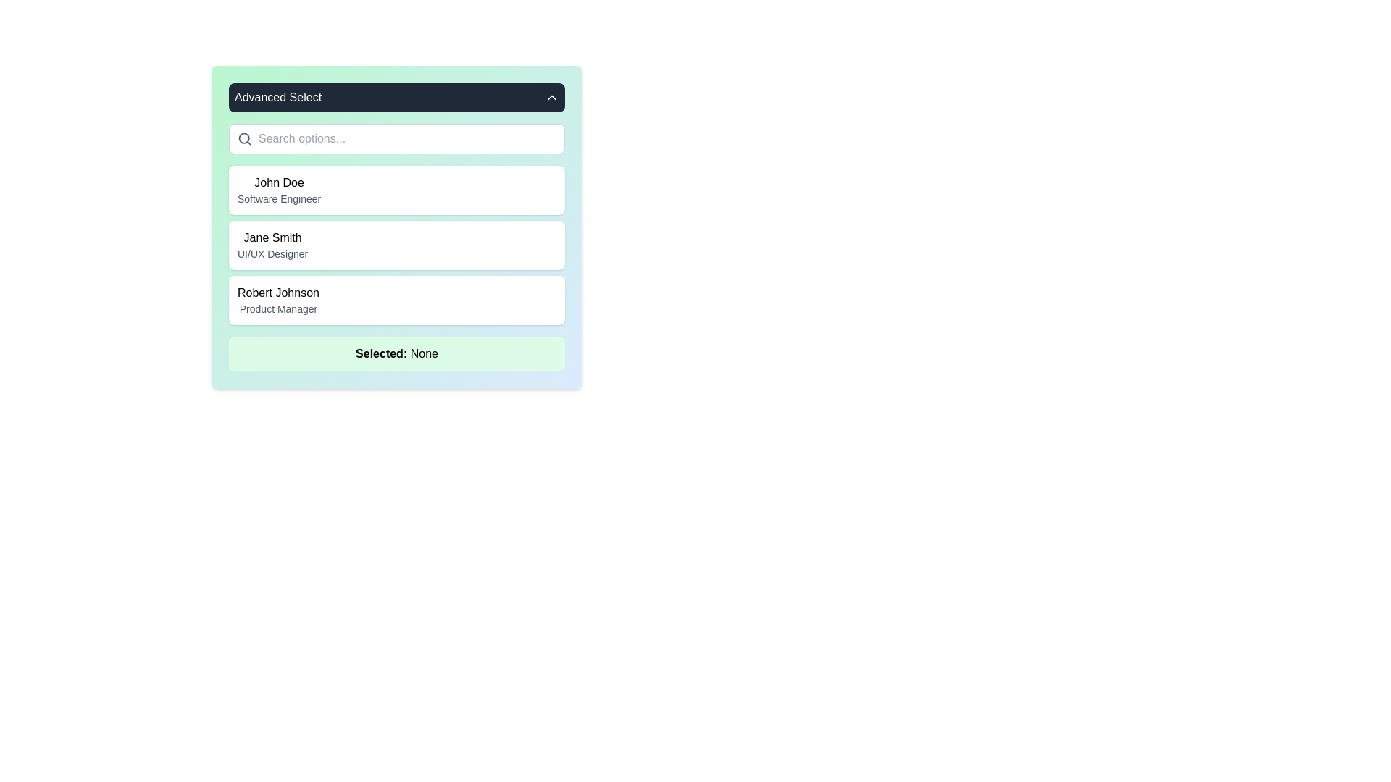  I want to click on text label displaying 'John Doe' which is the first selectable option in the dropdown menu, so click(279, 182).